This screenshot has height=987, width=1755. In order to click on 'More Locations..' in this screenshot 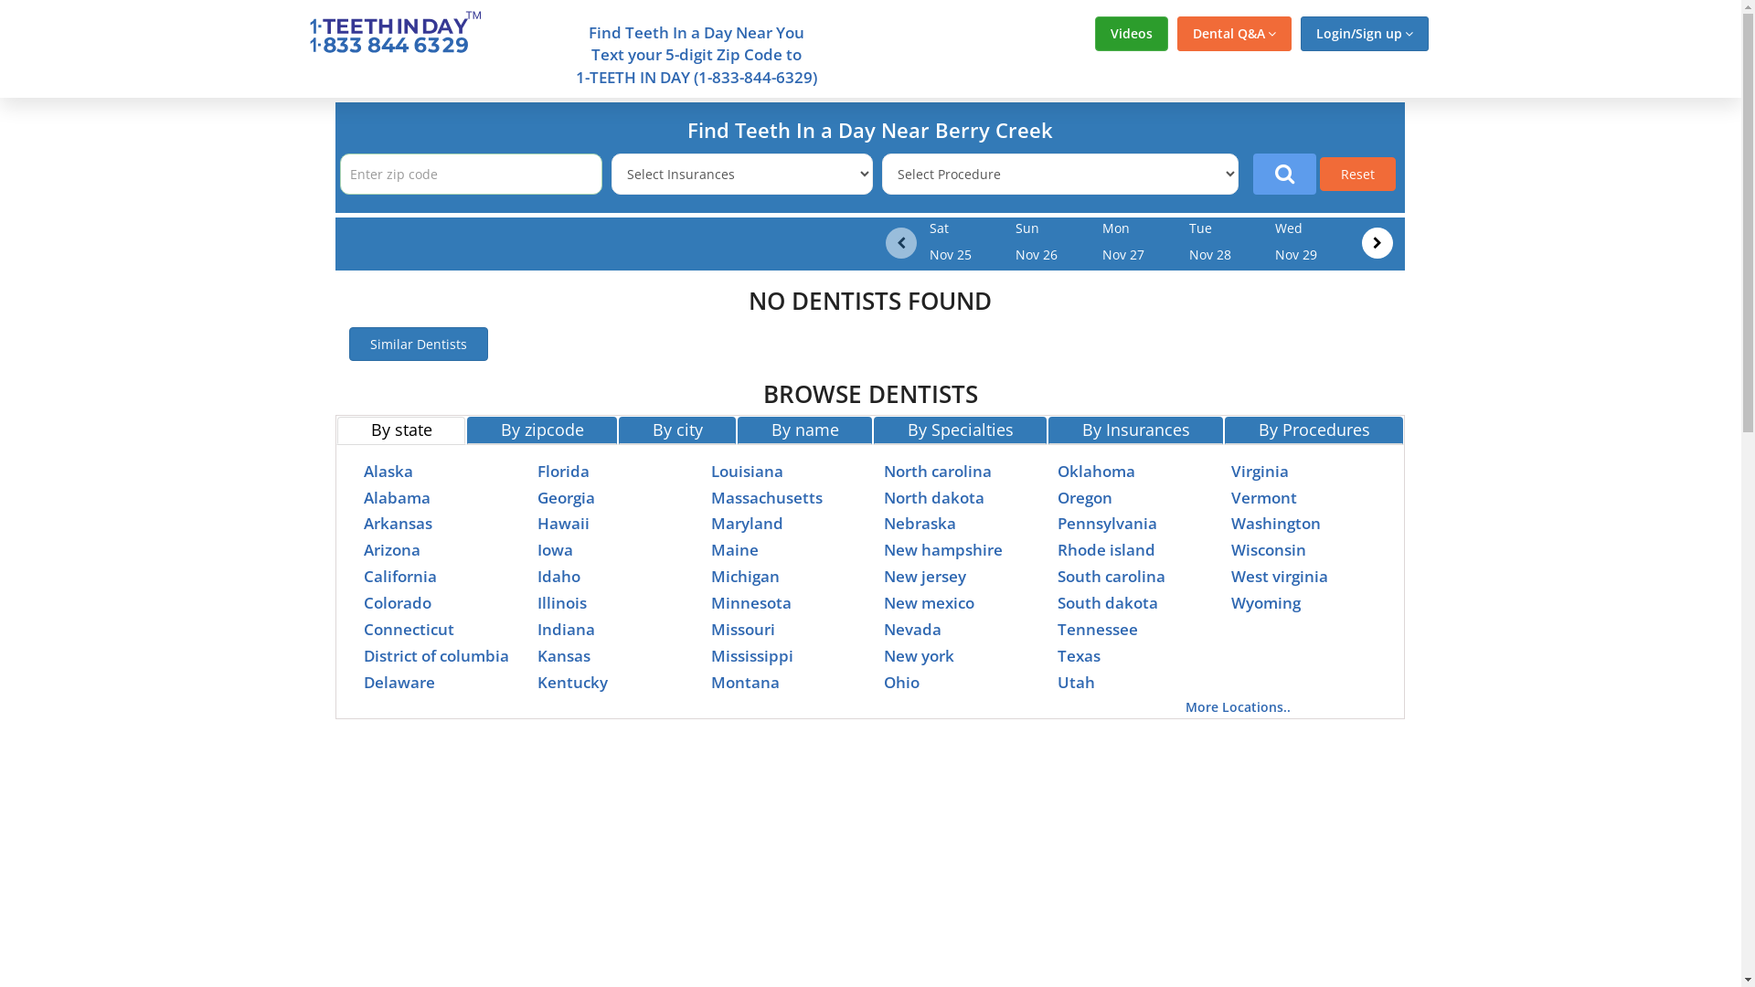, I will do `click(1238, 706)`.